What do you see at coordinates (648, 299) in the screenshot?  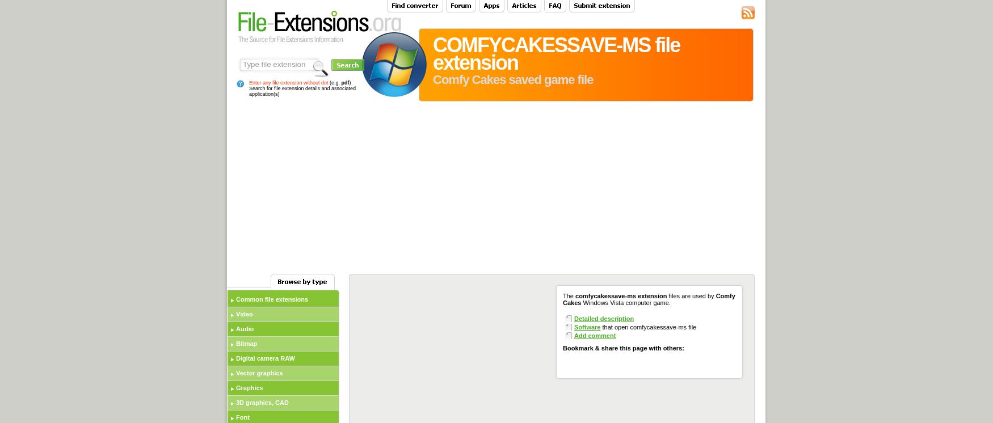 I see `'Comfy Cakes'` at bounding box center [648, 299].